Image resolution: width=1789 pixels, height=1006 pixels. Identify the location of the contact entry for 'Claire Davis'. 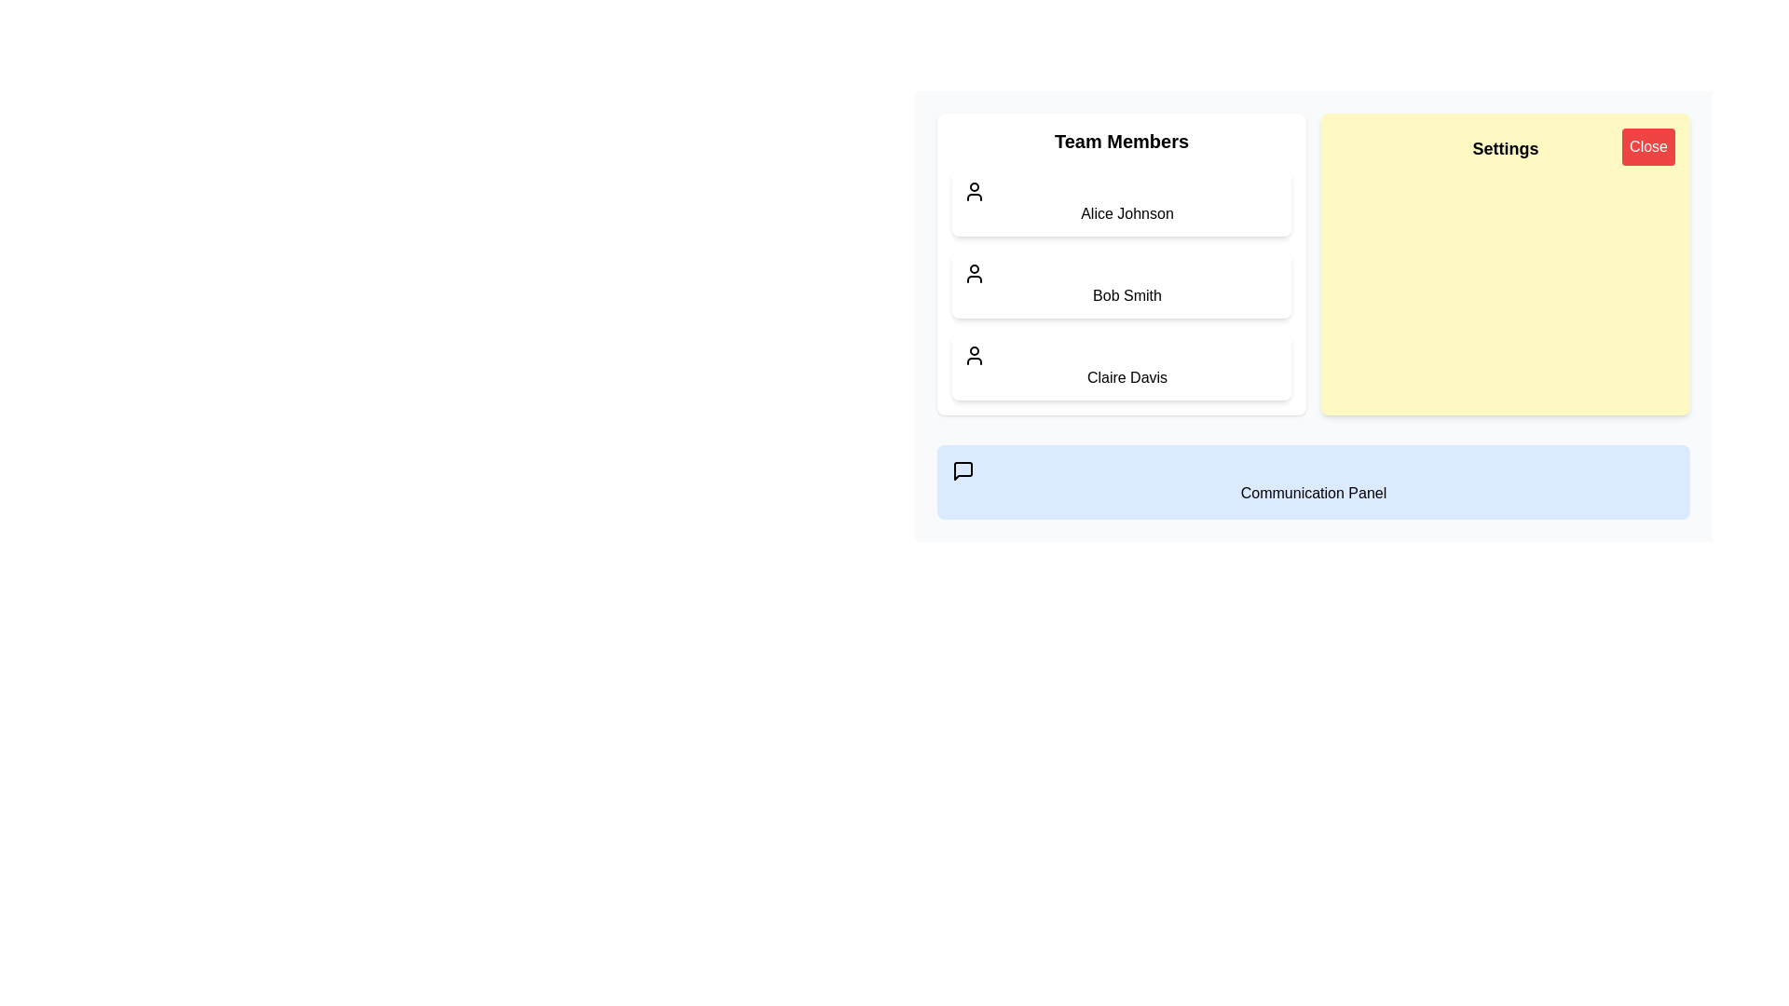
(1121, 366).